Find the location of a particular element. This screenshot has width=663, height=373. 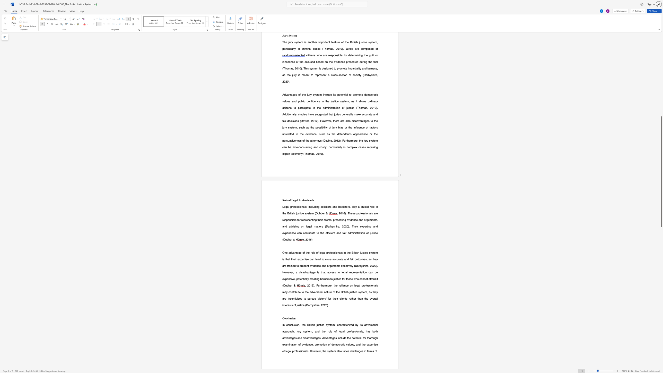

the subset text "ad t" within the text "can lead to more" is located at coordinates (318, 259).